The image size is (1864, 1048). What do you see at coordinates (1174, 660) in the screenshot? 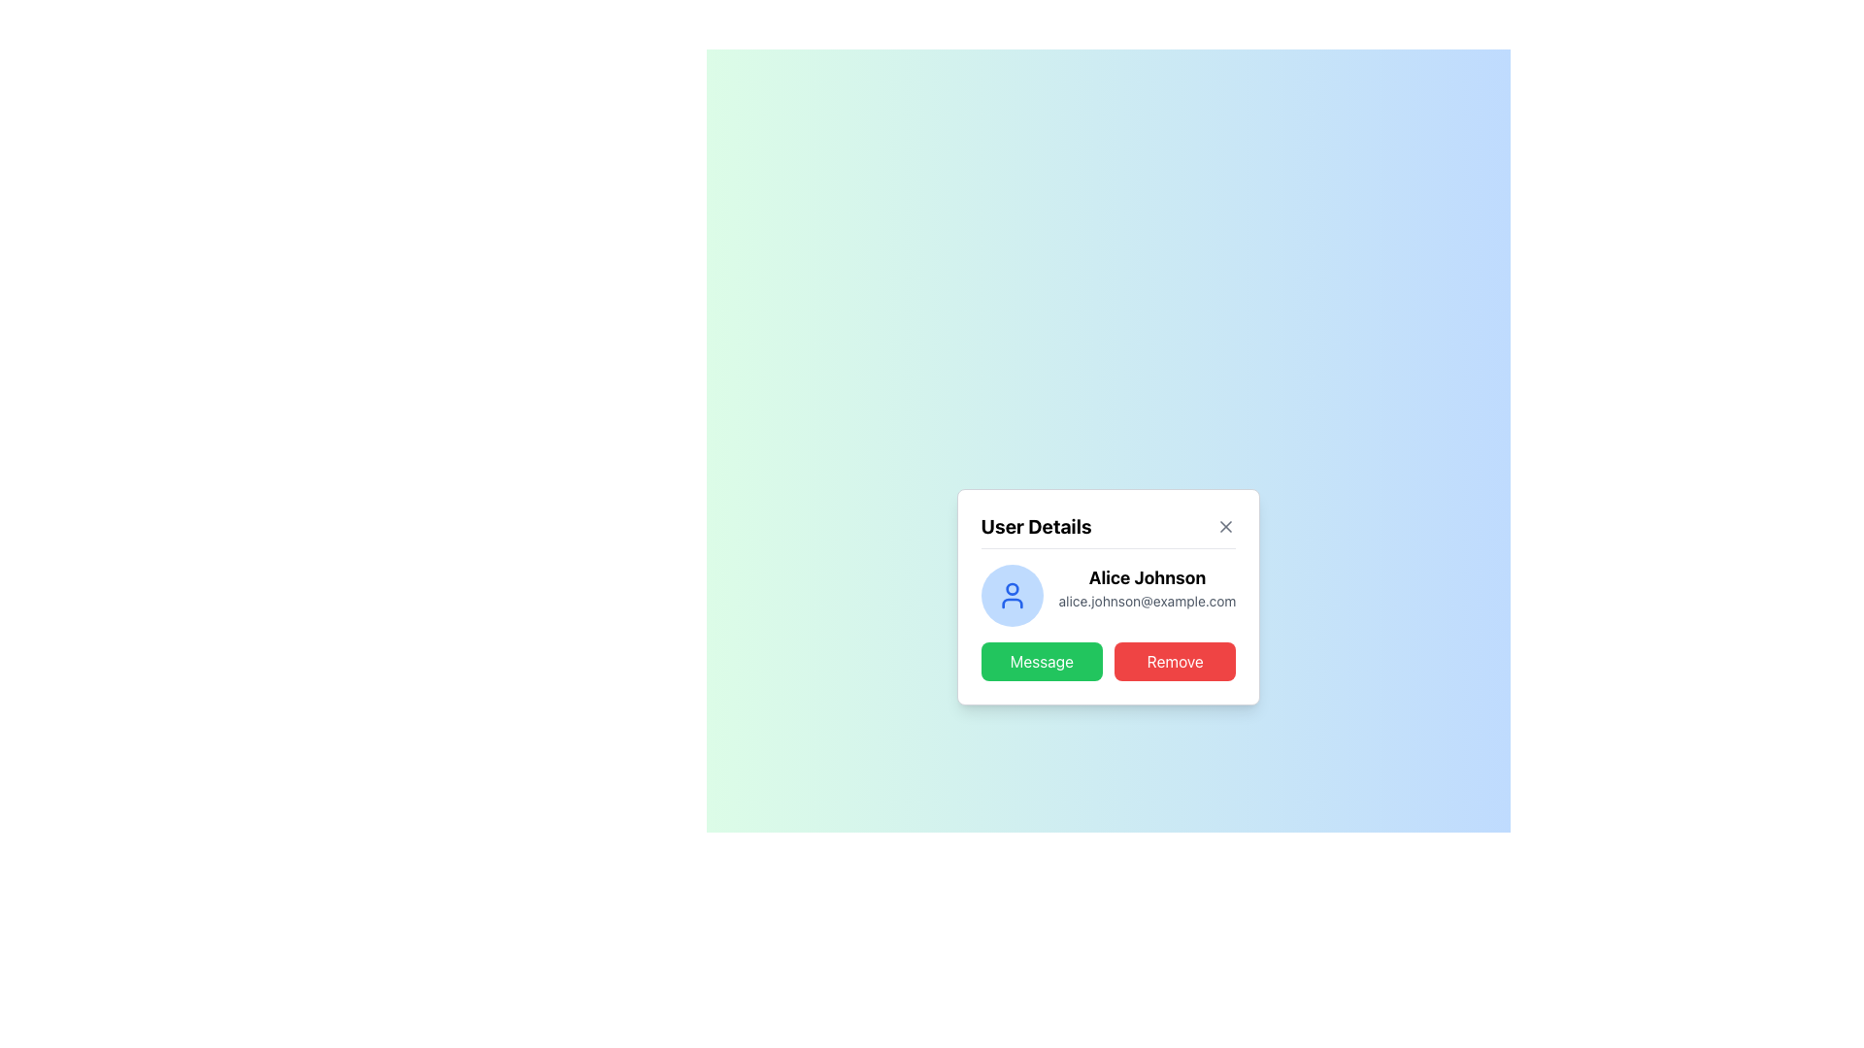
I see `the red 'Remove' button, which is the second button in a horizontal layout` at bounding box center [1174, 660].